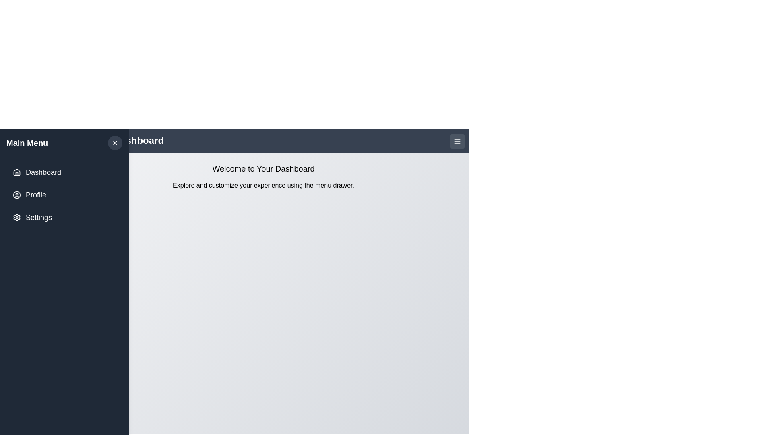  Describe the element at coordinates (115, 142) in the screenshot. I see `the circular close button with a gray background and a white 'X' icon located in the top-right corner of the 'Main Menu' section` at that location.